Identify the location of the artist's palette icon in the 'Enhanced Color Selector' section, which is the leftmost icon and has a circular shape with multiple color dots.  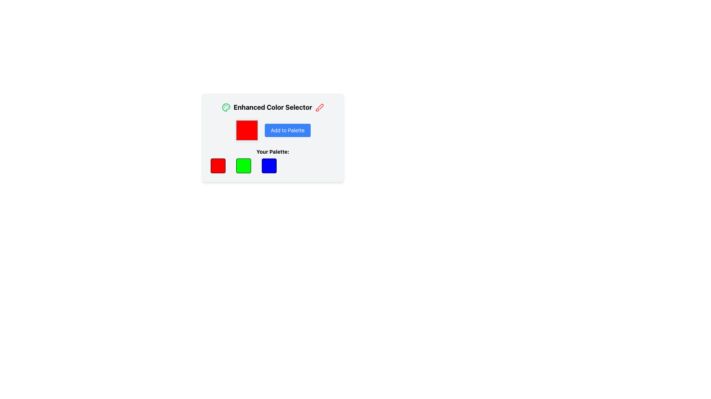
(226, 107).